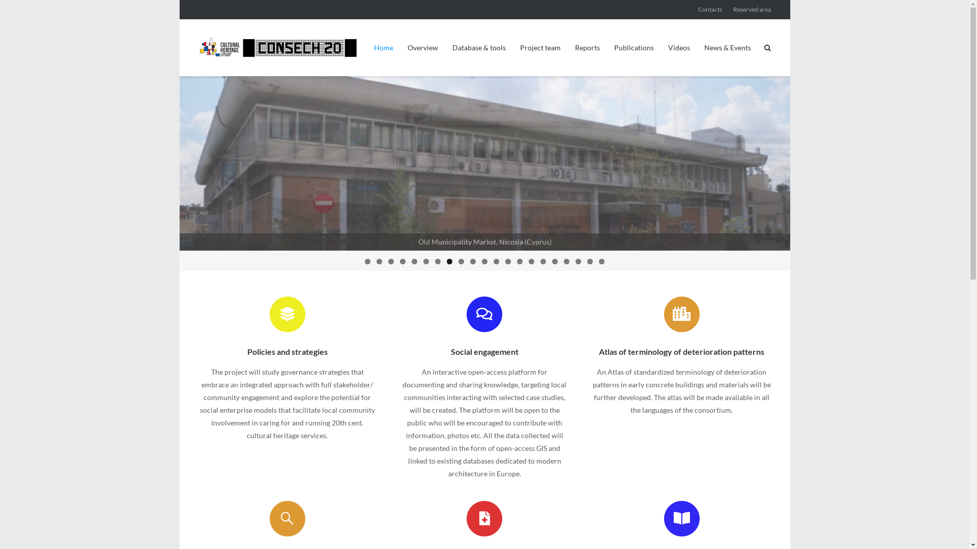 This screenshot has width=977, height=549. What do you see at coordinates (399, 261) in the screenshot?
I see `'4'` at bounding box center [399, 261].